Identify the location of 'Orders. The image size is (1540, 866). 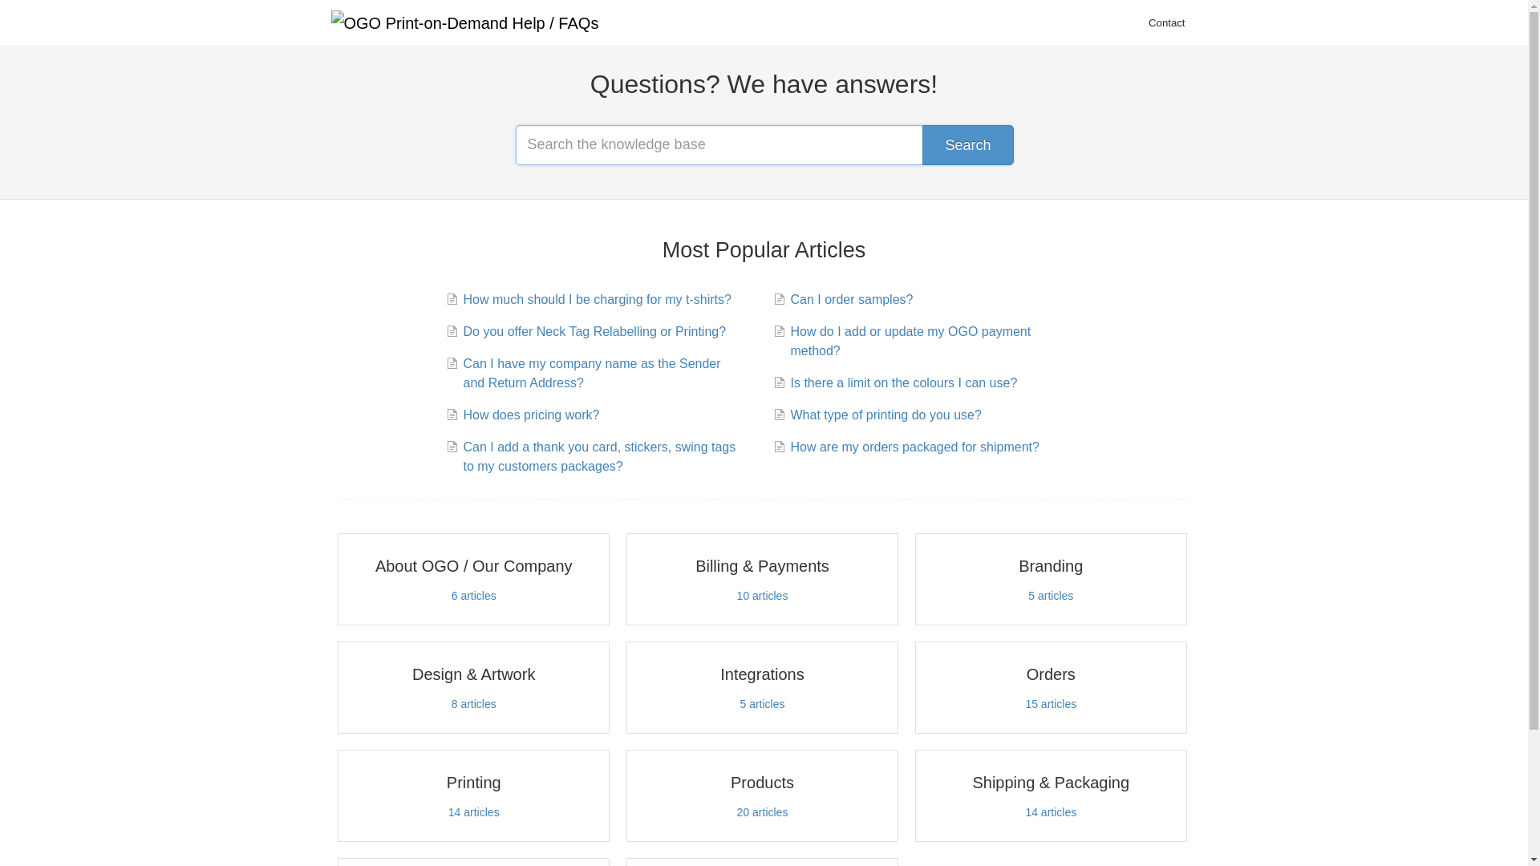
(1051, 686).